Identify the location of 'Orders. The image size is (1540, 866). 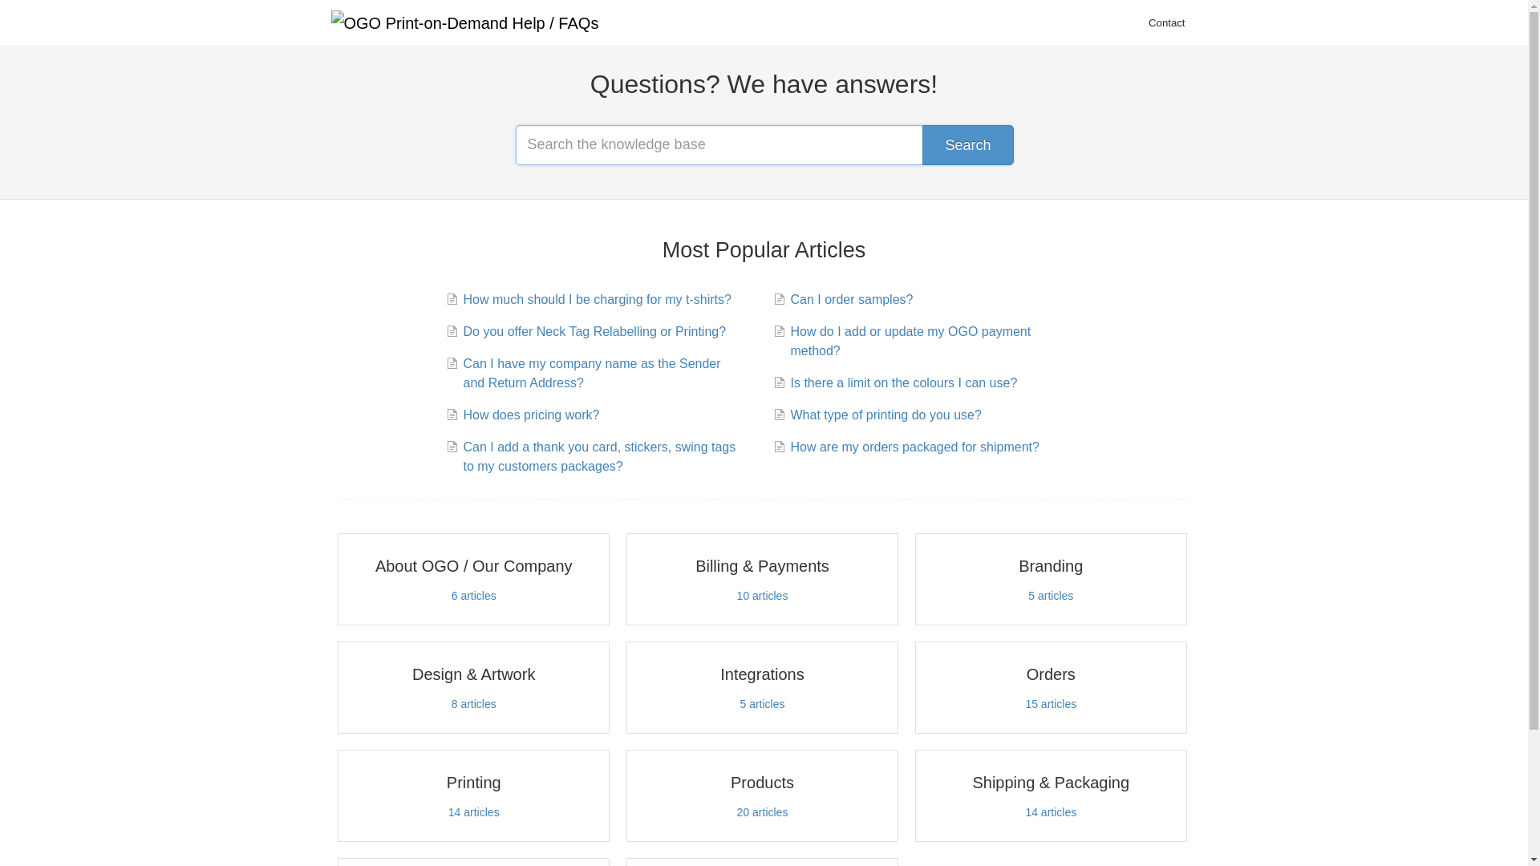
(1051, 686).